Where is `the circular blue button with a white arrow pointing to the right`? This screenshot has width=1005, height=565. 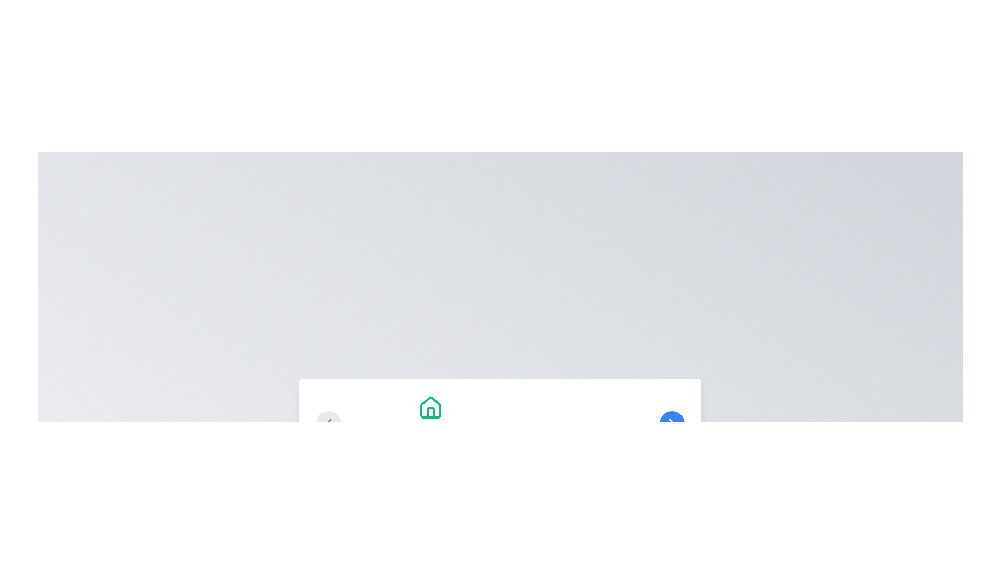 the circular blue button with a white arrow pointing to the right is located at coordinates (672, 424).